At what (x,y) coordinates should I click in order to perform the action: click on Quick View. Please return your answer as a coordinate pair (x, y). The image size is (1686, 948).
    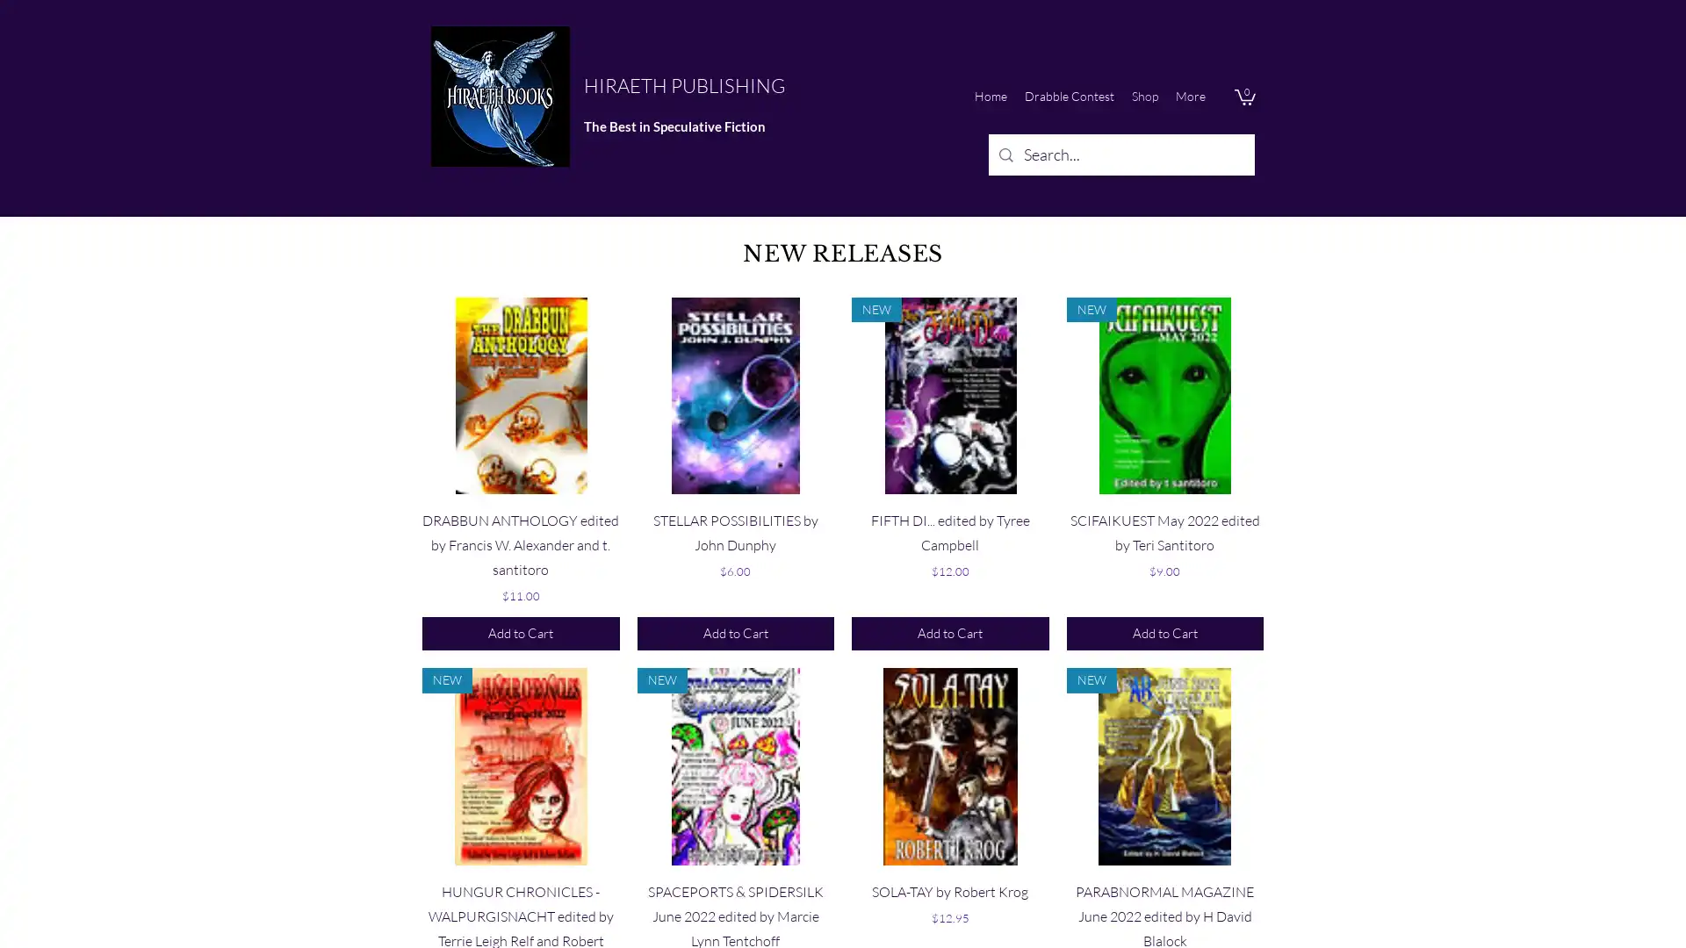
    Looking at the image, I should click on (735, 887).